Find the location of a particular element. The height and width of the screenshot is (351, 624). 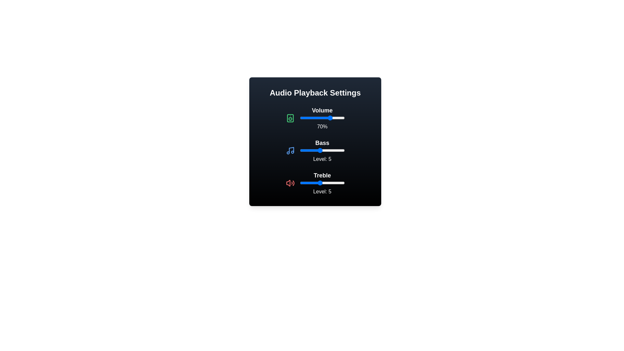

the volume slider is located at coordinates (300, 118).